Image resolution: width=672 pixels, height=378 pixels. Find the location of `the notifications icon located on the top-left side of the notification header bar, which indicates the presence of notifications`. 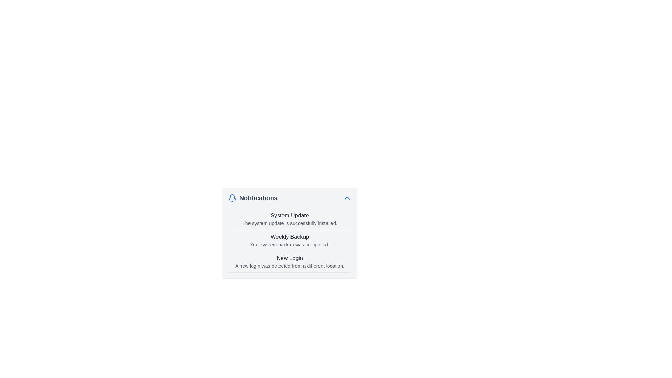

the notifications icon located on the top-left side of the notification header bar, which indicates the presence of notifications is located at coordinates (232, 198).